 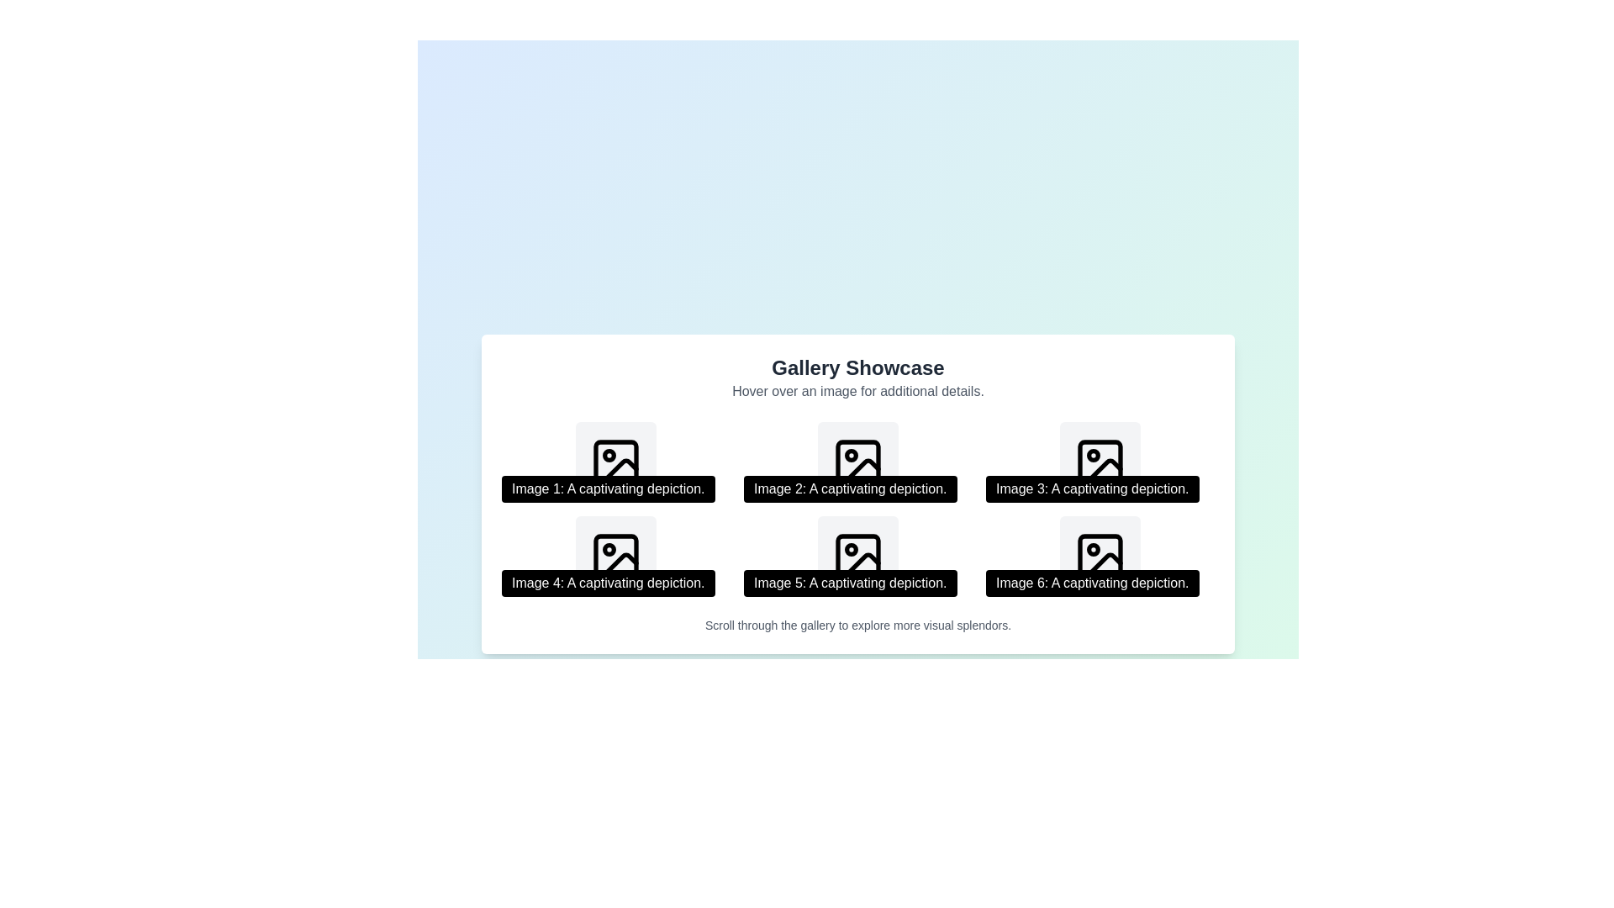 I want to click on the Text Label located beneath 'Image 3' in the gallery, which is centered horizontally with respect to the image above, positioned in the first row and third column of the grid, so click(x=1092, y=489).